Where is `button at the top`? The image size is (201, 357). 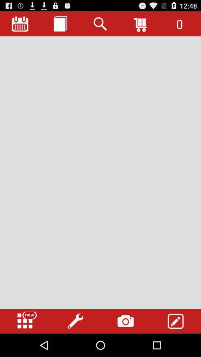
button at the top is located at coordinates (100, 24).